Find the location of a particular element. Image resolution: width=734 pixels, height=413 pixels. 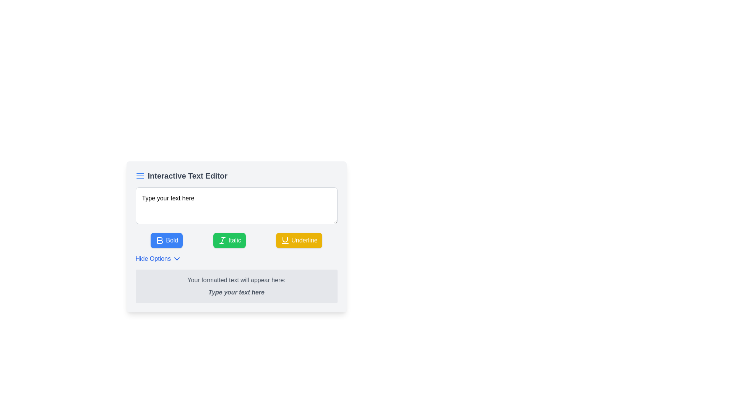

the chevron icon located to the right of the 'Hide Options' label, which expands or collapses related options is located at coordinates (176, 259).